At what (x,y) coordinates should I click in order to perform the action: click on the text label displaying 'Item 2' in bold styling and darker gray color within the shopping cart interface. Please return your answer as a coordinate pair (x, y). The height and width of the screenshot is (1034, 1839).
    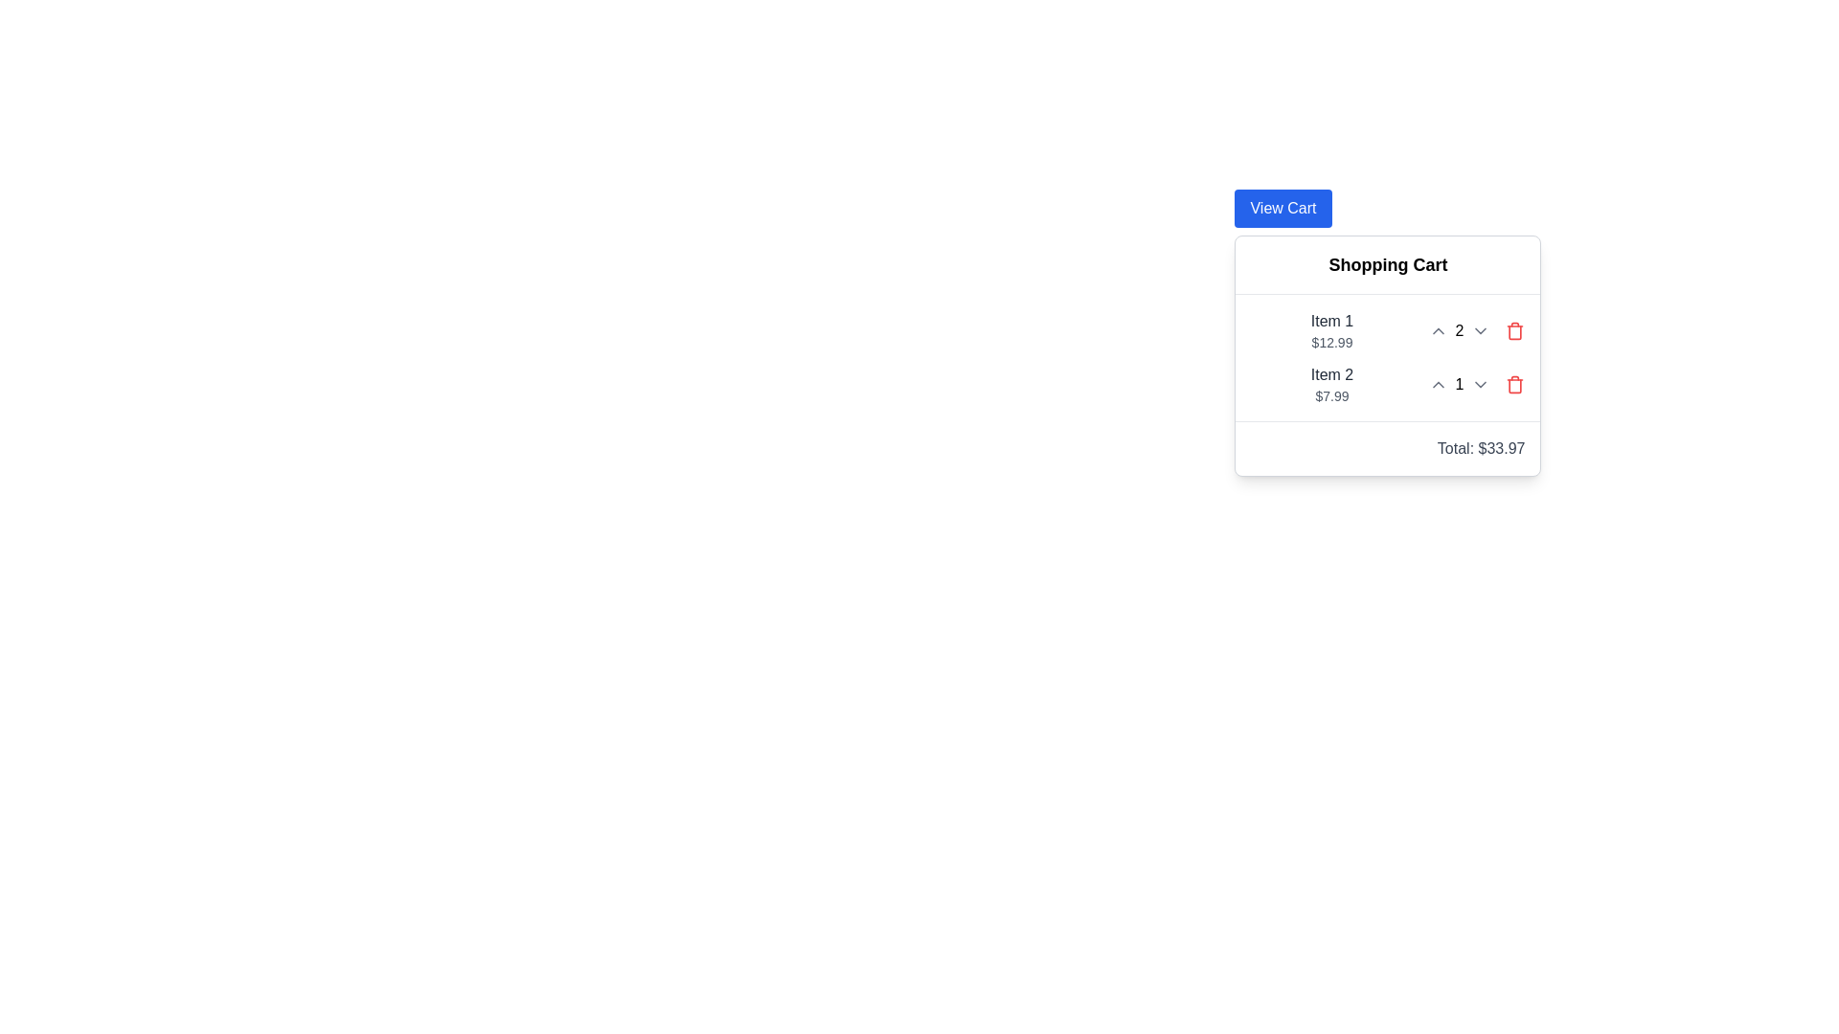
    Looking at the image, I should click on (1331, 375).